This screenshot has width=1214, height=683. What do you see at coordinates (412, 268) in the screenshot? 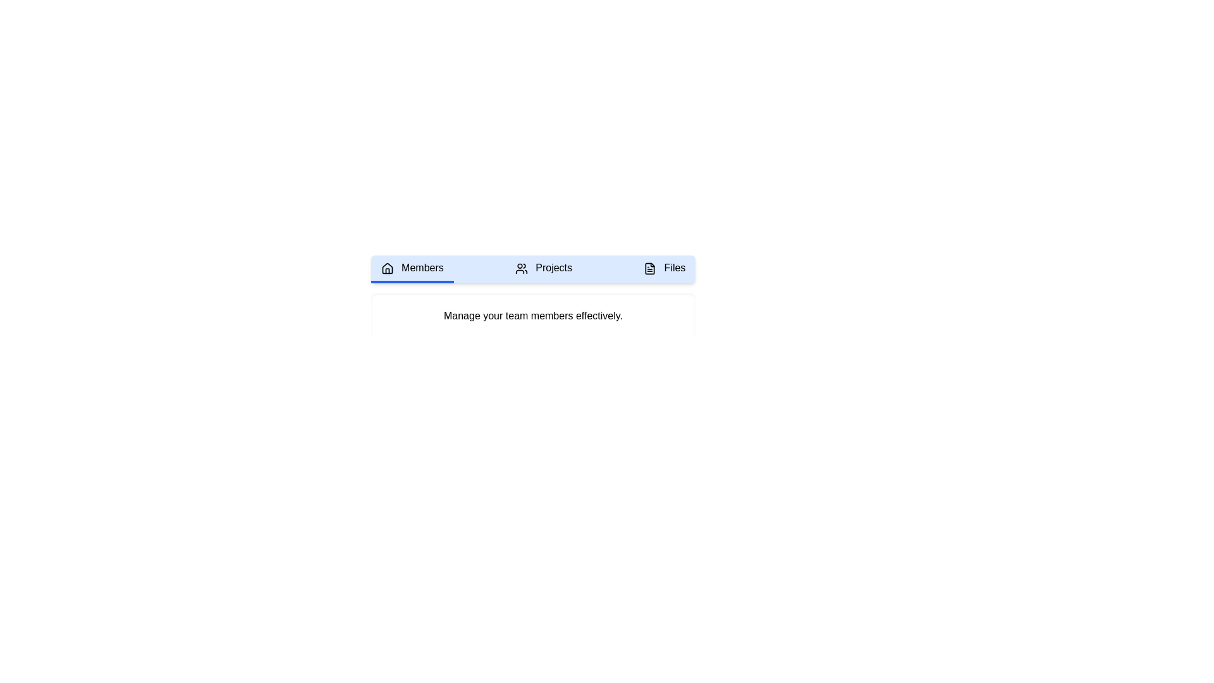
I see `the 'Members' button in the navigation panel, which is the first tab with a house icon and a light blue background` at bounding box center [412, 268].